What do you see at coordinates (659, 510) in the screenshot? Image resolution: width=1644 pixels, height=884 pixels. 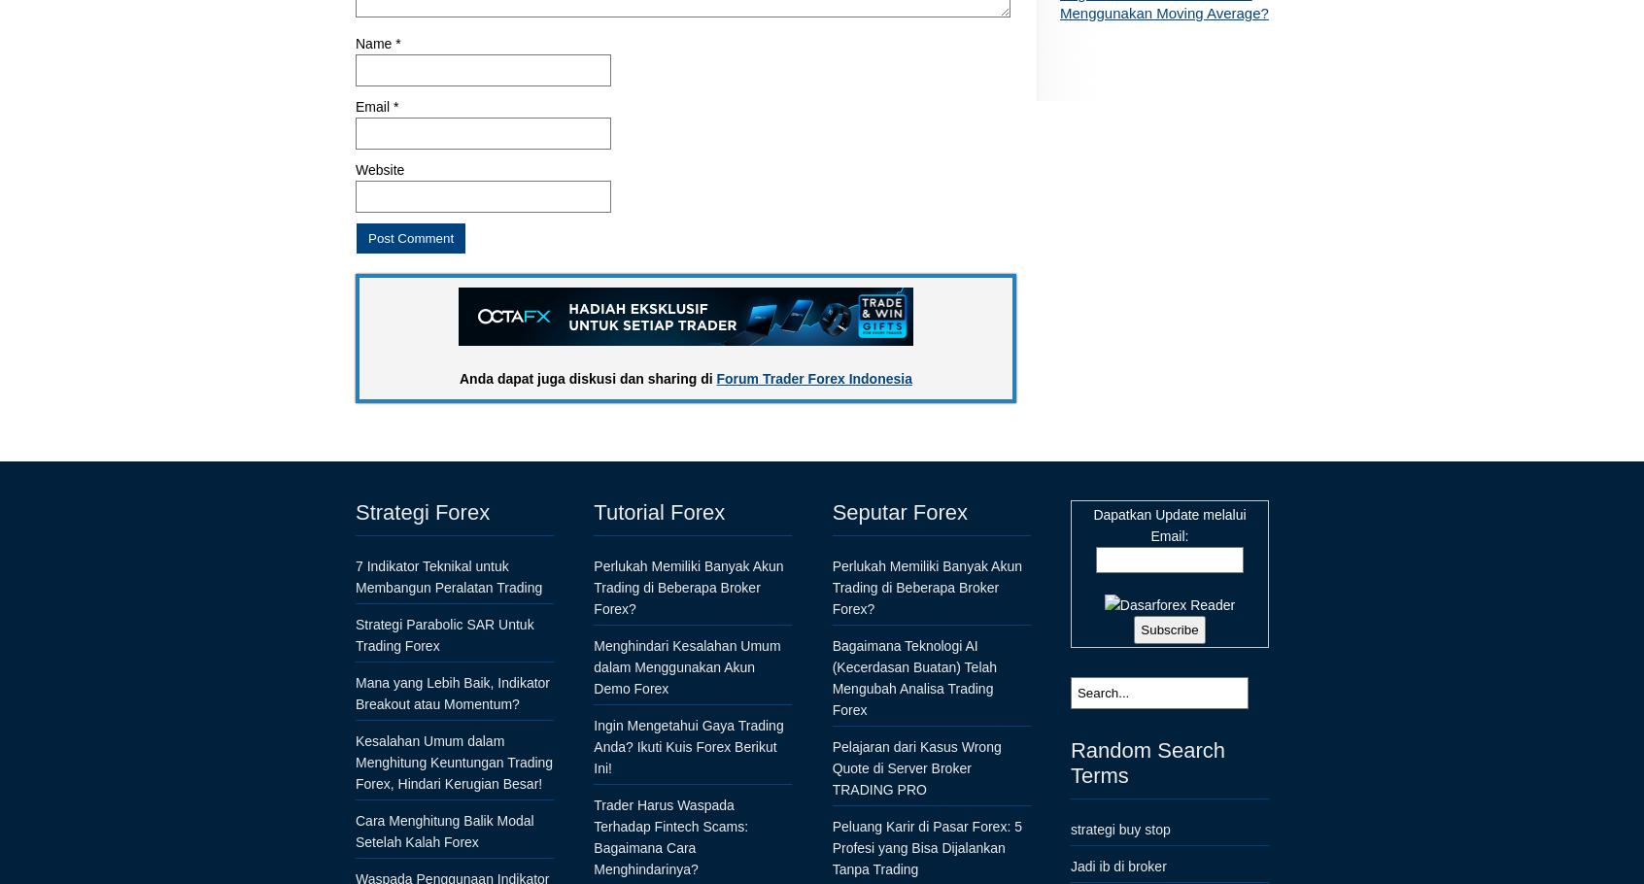 I see `'Tutorial Forex'` at bounding box center [659, 510].